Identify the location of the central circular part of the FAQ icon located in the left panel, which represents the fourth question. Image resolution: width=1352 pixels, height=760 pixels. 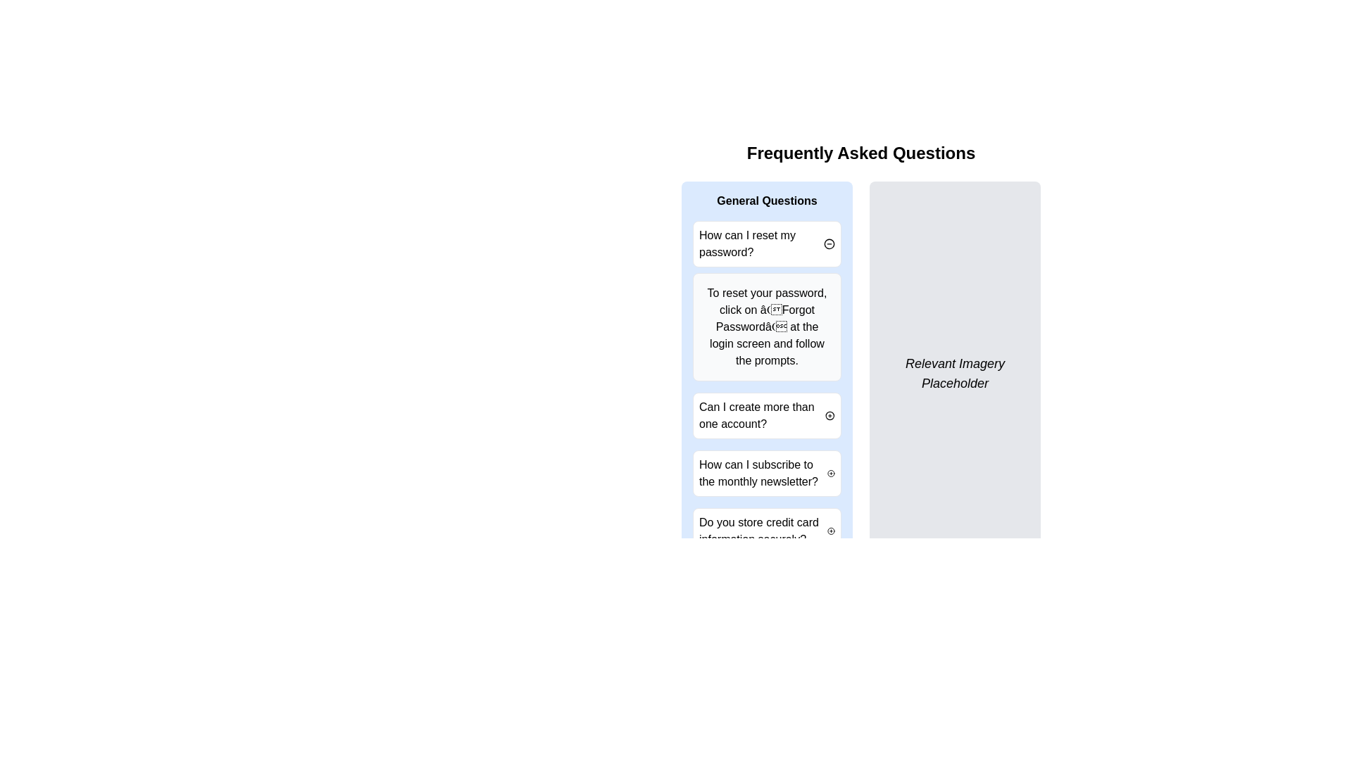
(831, 473).